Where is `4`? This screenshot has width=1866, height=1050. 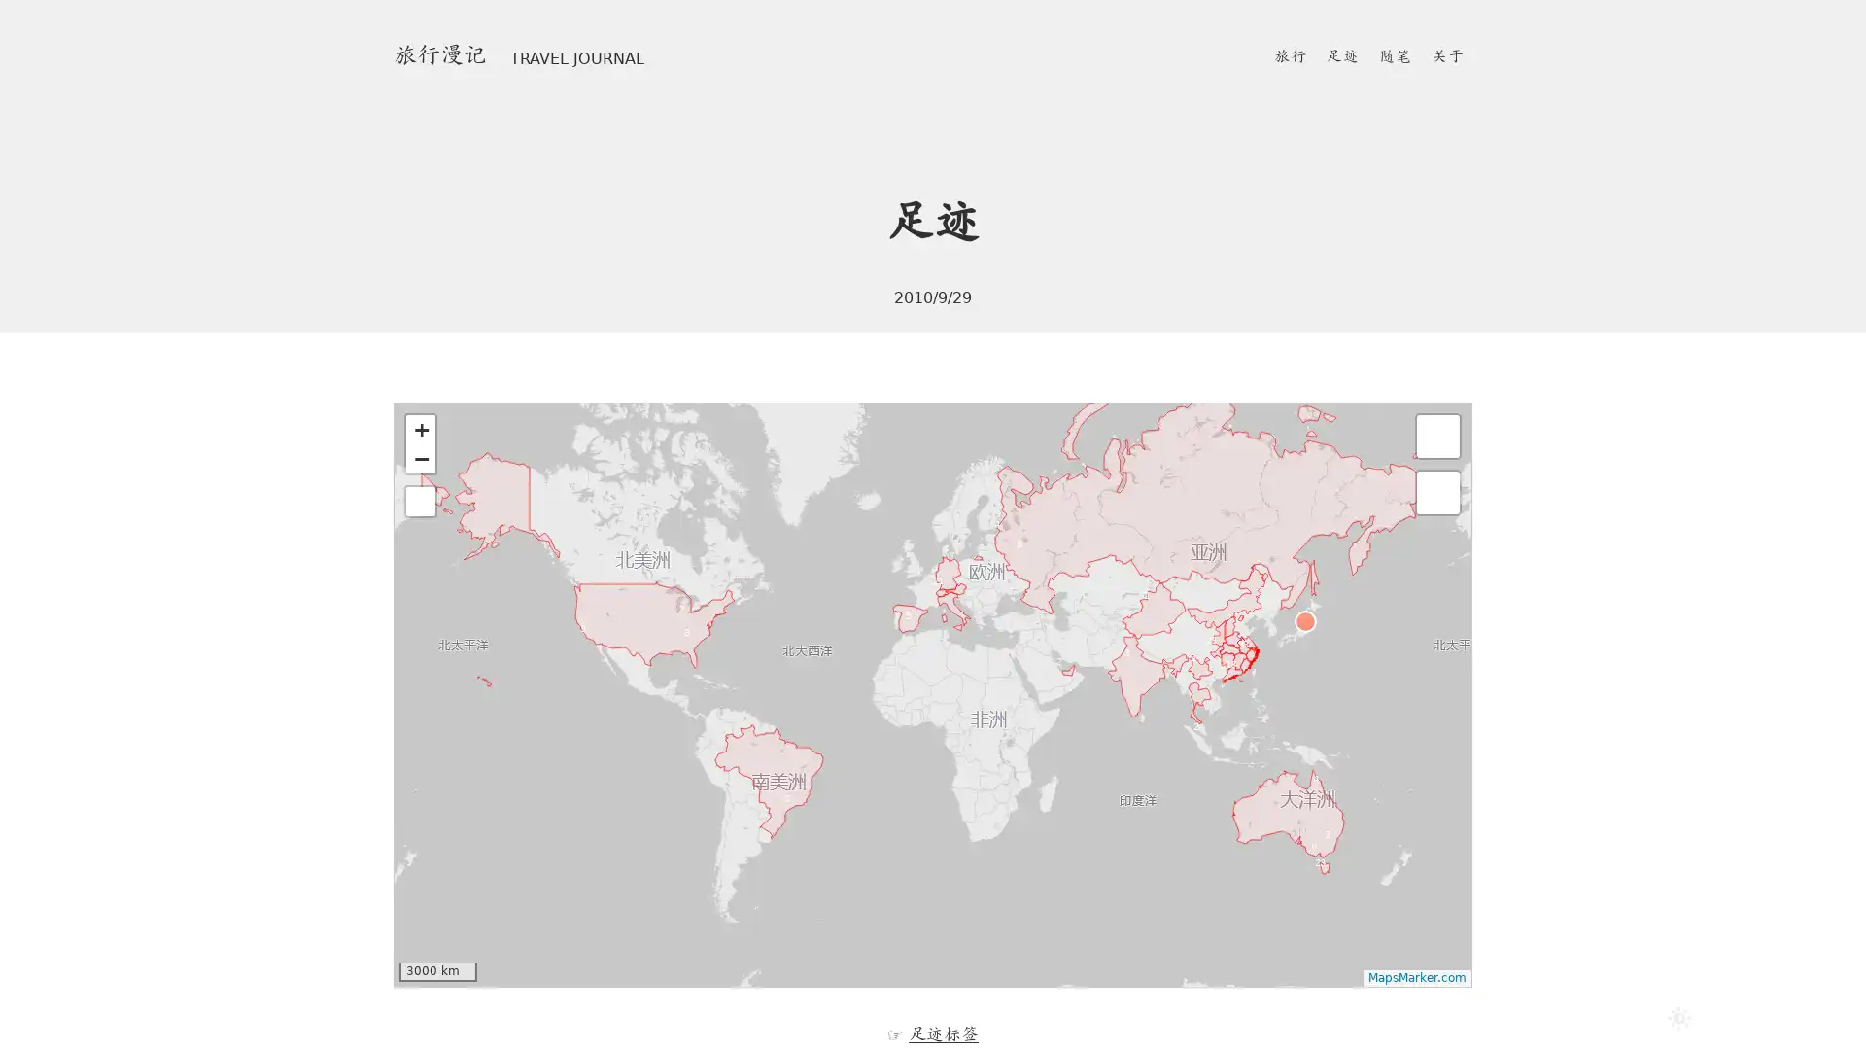
4 is located at coordinates (1322, 784).